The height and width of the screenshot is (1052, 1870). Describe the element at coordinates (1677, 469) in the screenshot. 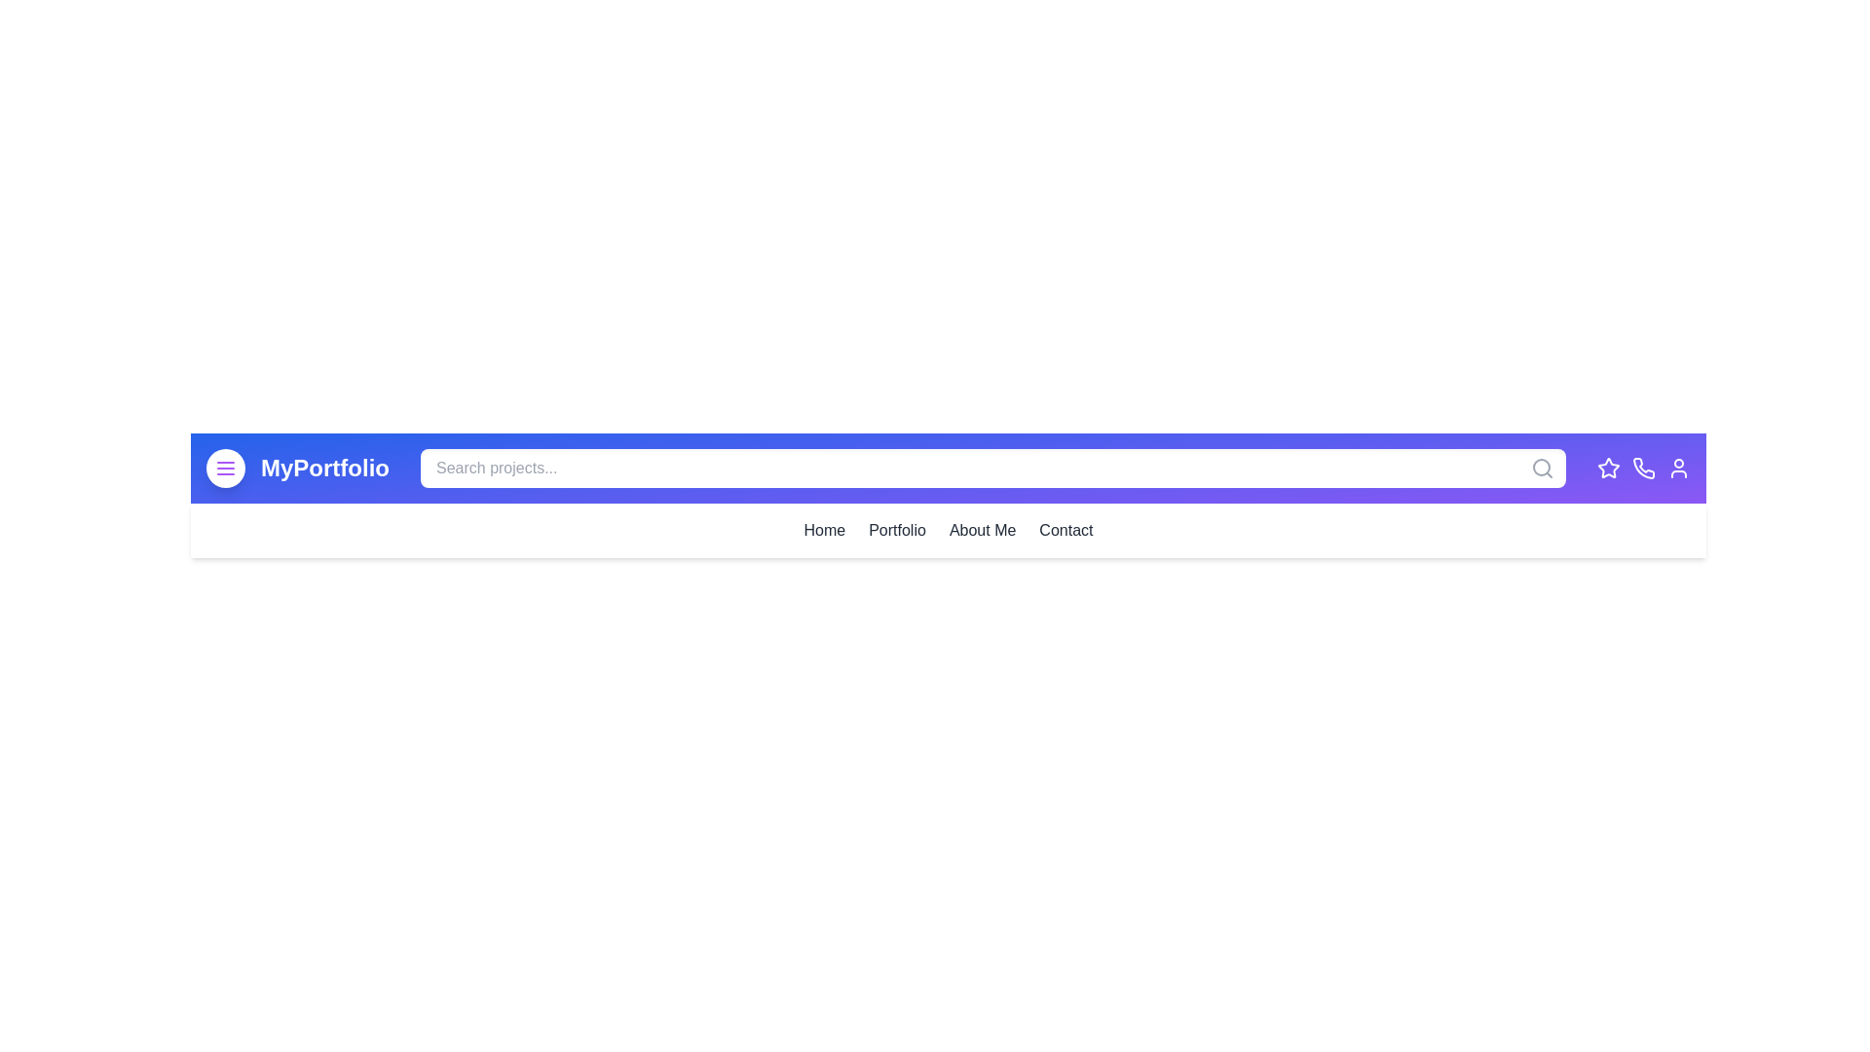

I see `the user icon to open the user menu` at that location.